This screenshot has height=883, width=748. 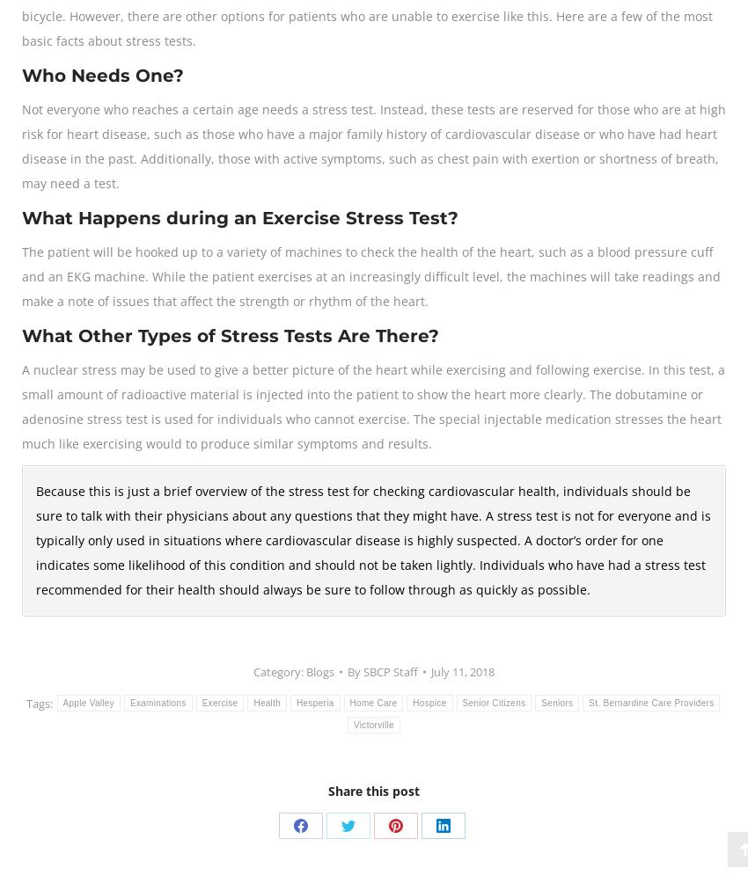 I want to click on 'Senior Citizens', so click(x=494, y=703).